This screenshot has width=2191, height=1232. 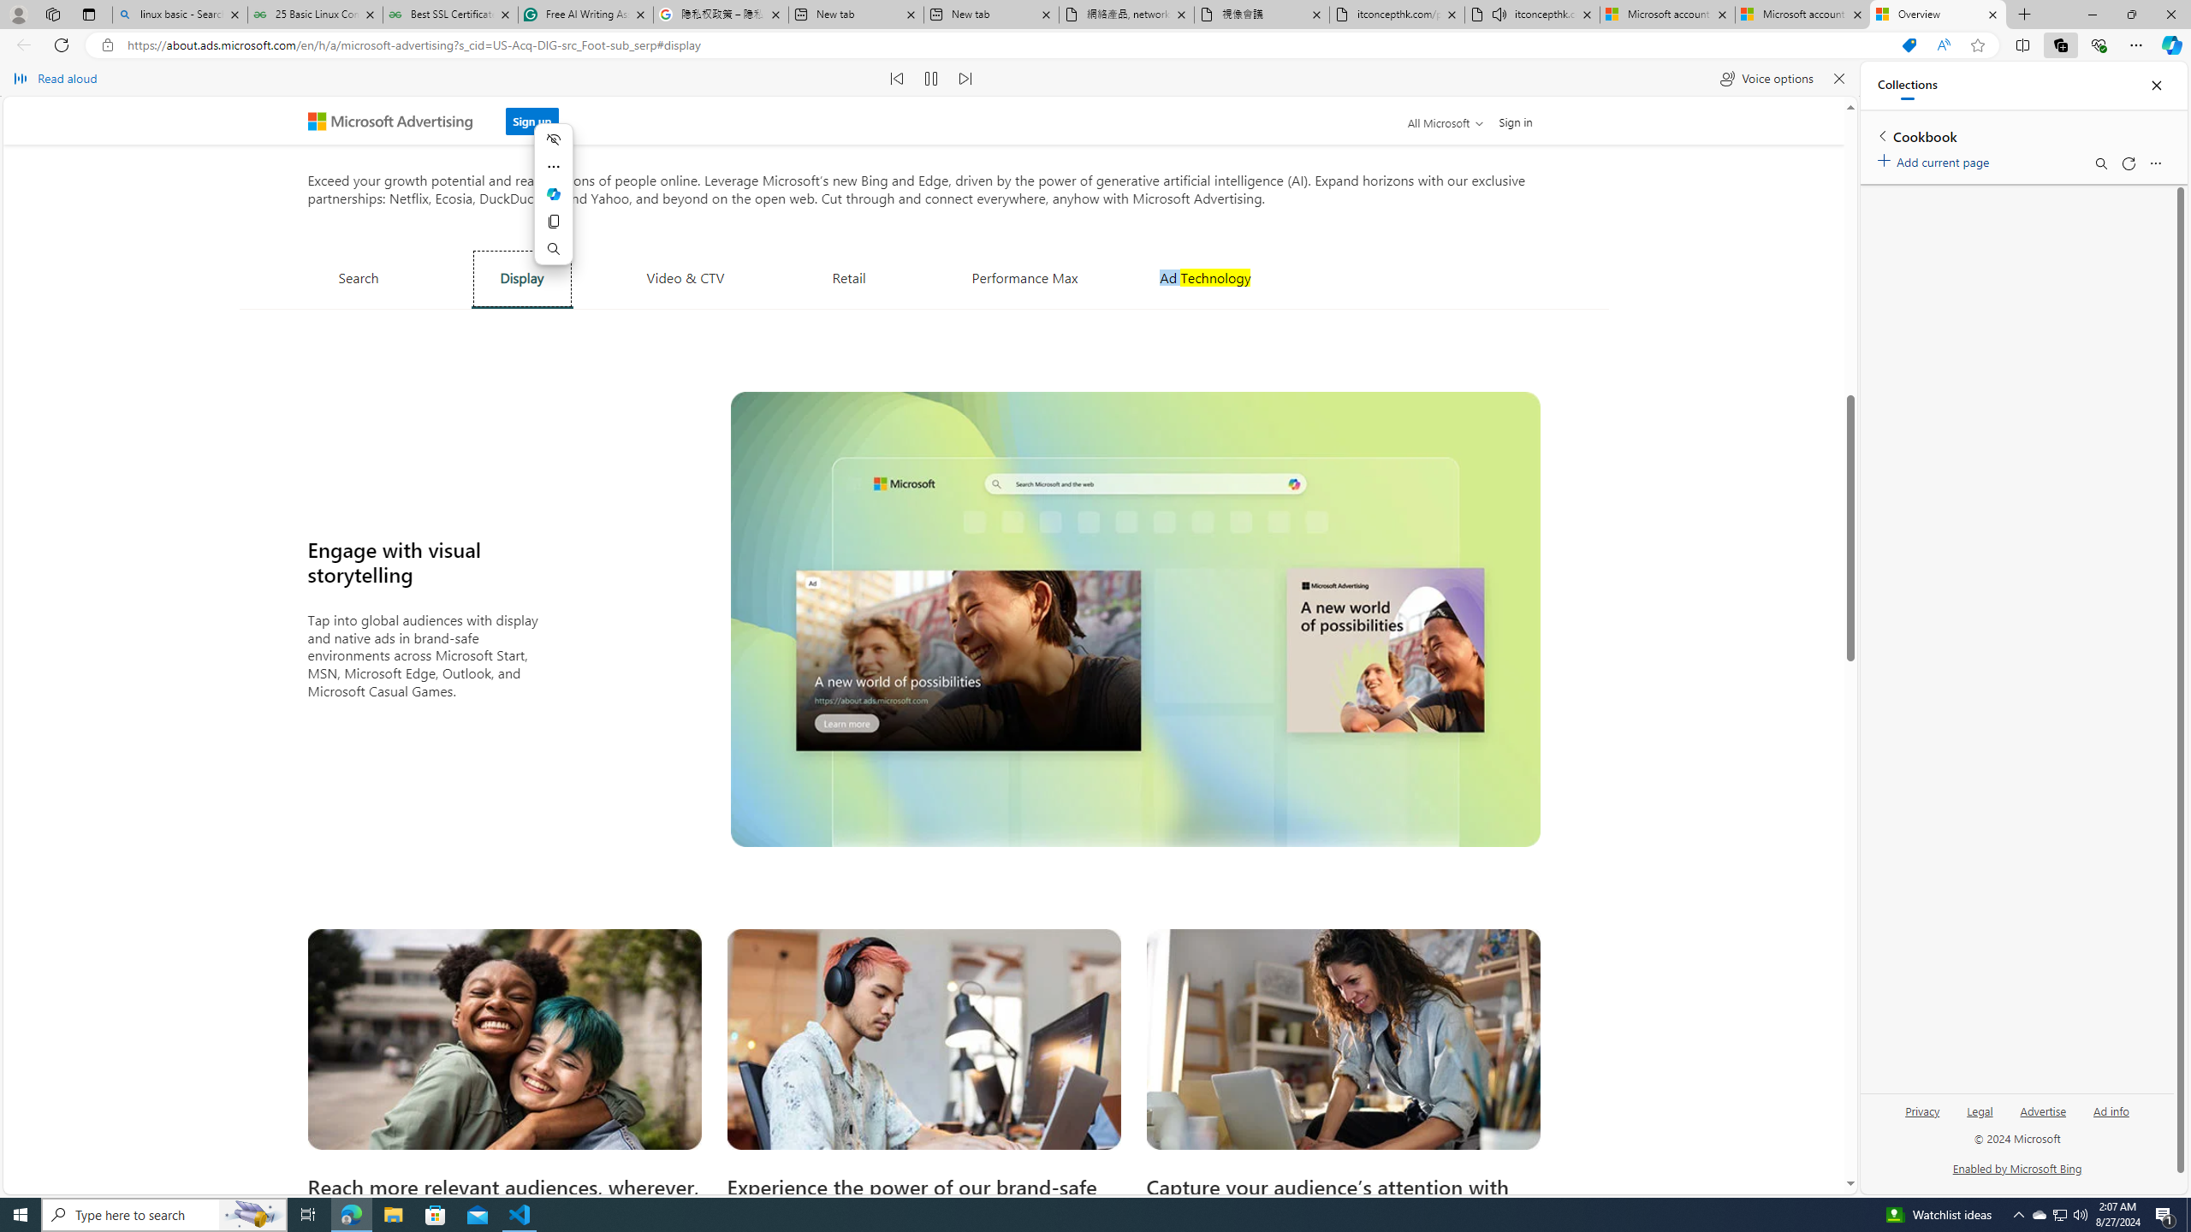 I want to click on 'linux basic - Search', so click(x=178, y=14).